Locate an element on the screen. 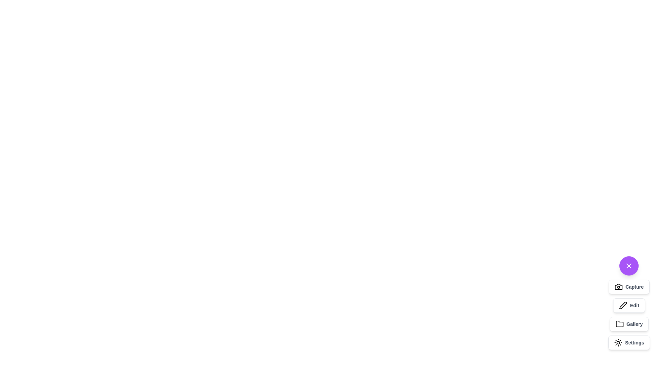 The width and height of the screenshot is (661, 372). the 'Edit' button to activate the 'Edit' functionality is located at coordinates (629, 305).